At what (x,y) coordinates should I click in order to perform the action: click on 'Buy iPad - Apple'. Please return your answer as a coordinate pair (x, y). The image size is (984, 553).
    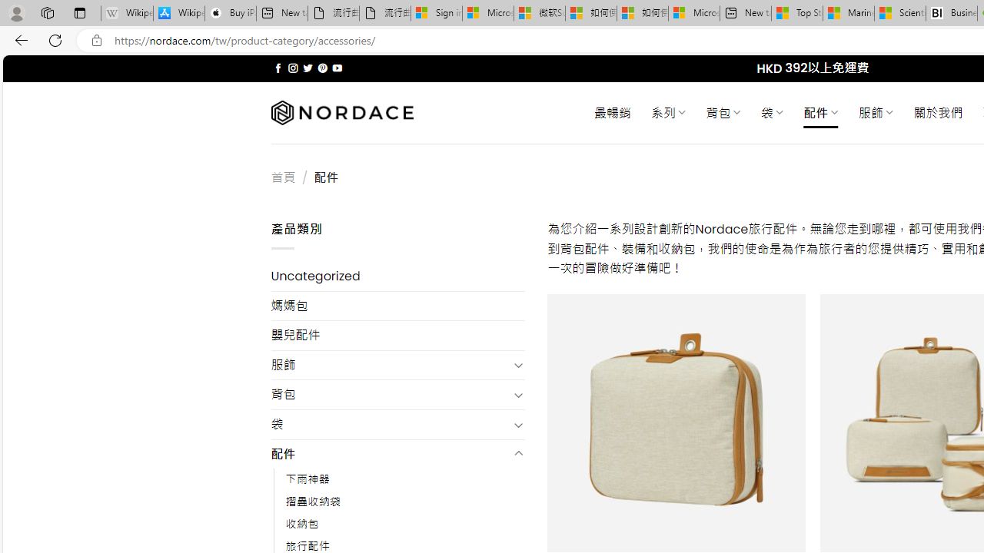
    Looking at the image, I should click on (230, 13).